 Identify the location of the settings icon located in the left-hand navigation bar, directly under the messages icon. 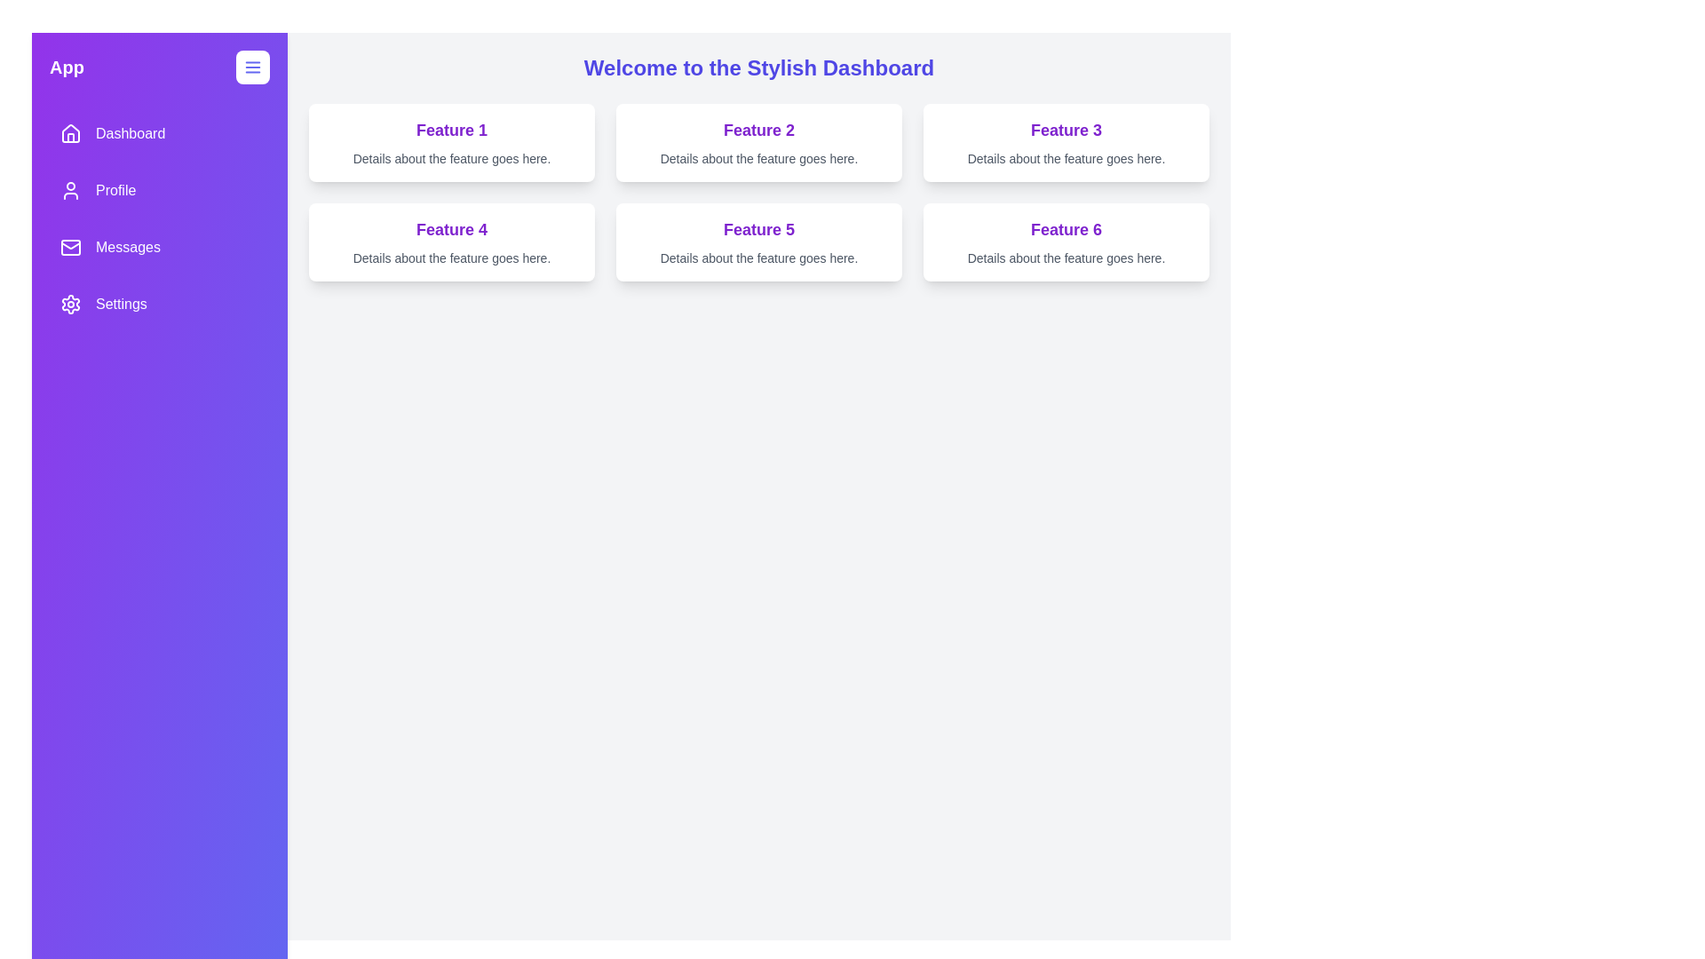
(71, 304).